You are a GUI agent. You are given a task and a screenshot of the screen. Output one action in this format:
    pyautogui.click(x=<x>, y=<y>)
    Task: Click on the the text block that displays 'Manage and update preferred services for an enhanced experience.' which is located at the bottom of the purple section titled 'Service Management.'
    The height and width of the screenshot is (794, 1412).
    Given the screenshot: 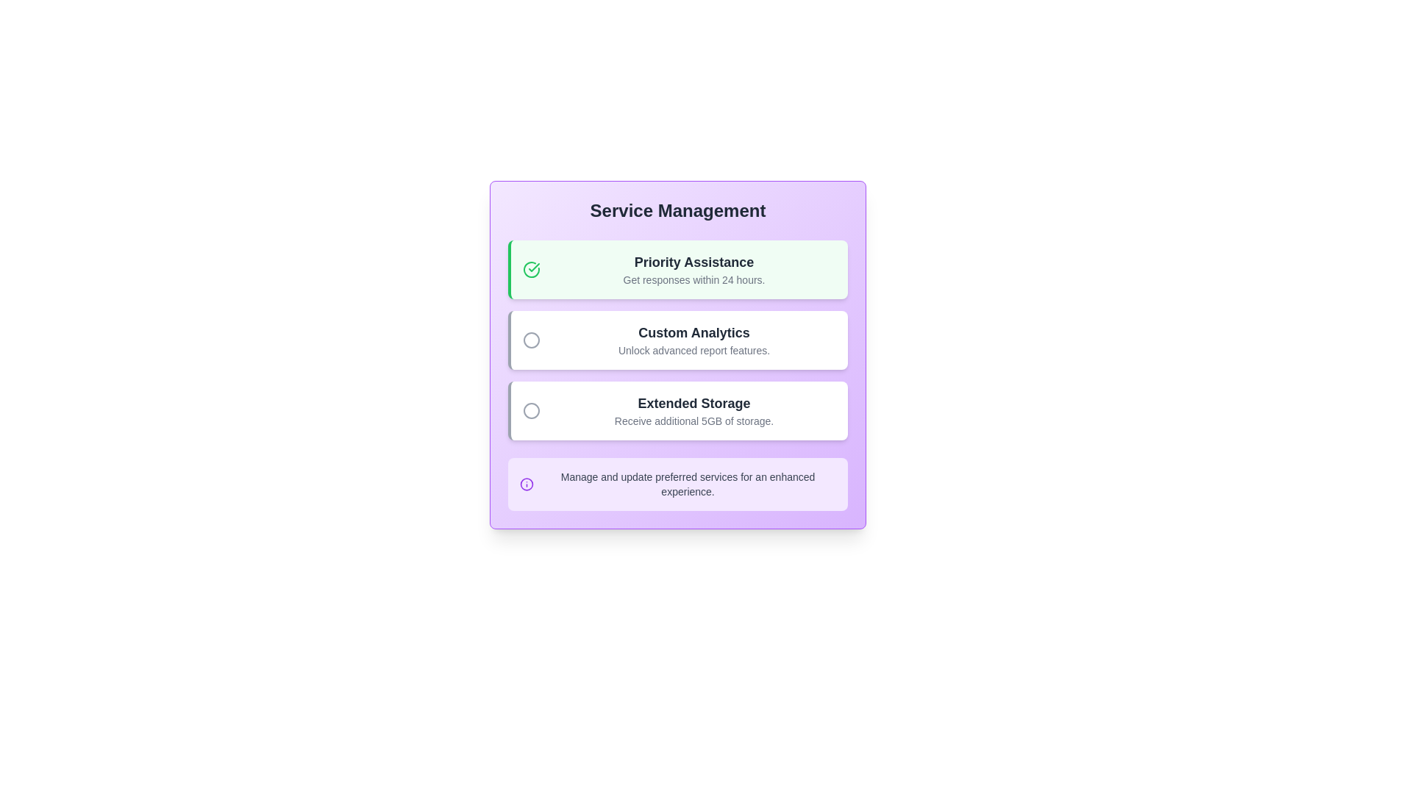 What is the action you would take?
    pyautogui.click(x=687, y=484)
    